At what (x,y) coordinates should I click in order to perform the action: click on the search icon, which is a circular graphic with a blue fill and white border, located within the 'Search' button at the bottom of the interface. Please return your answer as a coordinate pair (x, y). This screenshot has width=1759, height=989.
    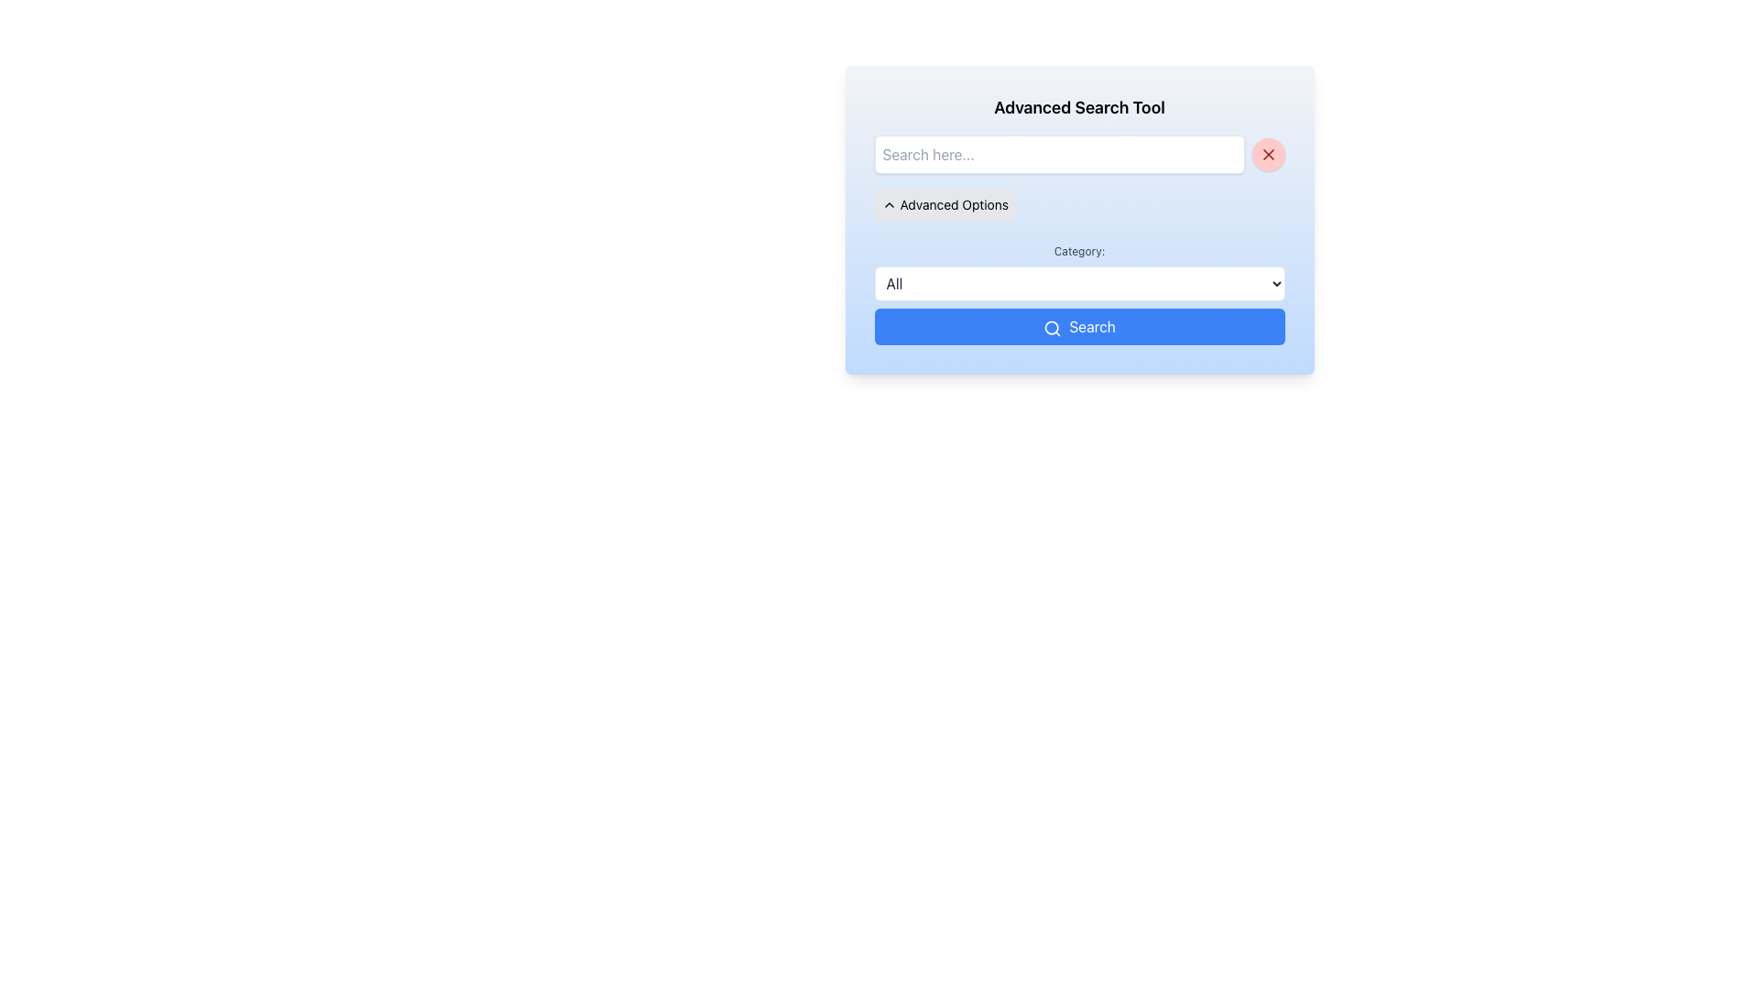
    Looking at the image, I should click on (1052, 326).